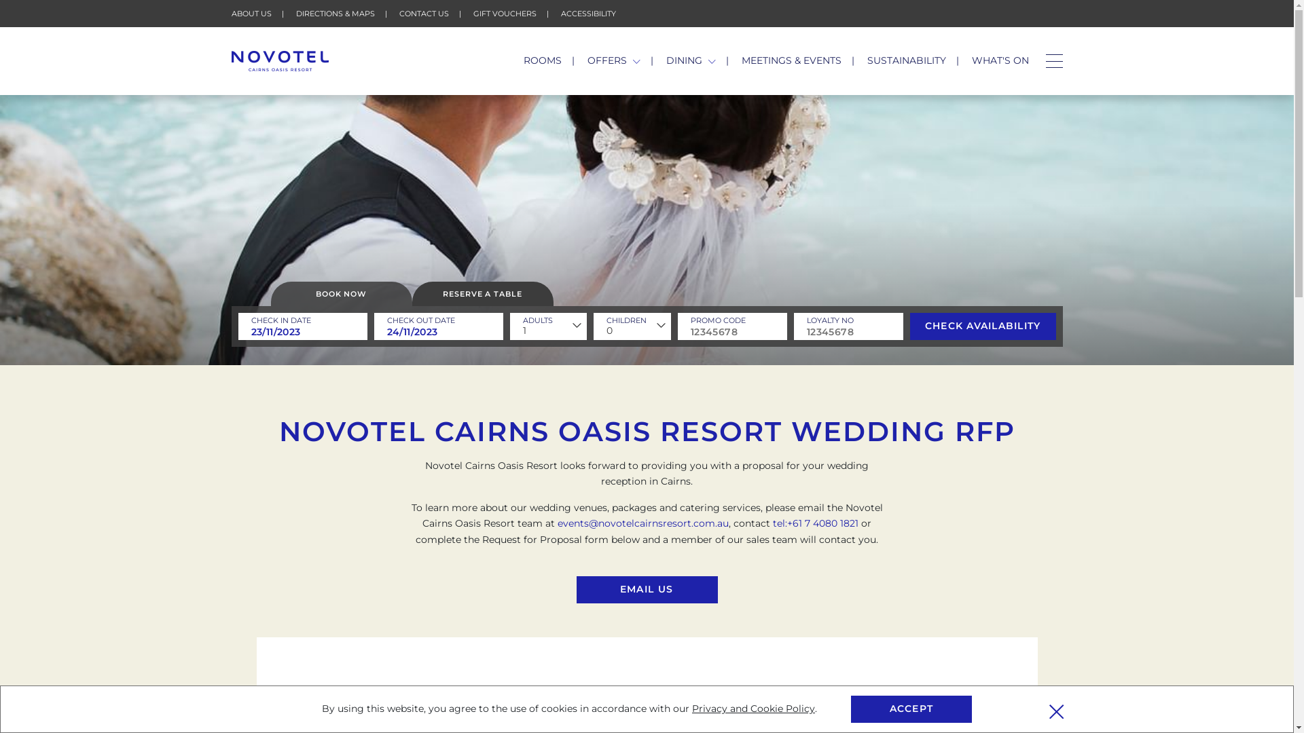 Image resolution: width=1304 pixels, height=733 pixels. What do you see at coordinates (911, 709) in the screenshot?
I see `'ACCEPT'` at bounding box center [911, 709].